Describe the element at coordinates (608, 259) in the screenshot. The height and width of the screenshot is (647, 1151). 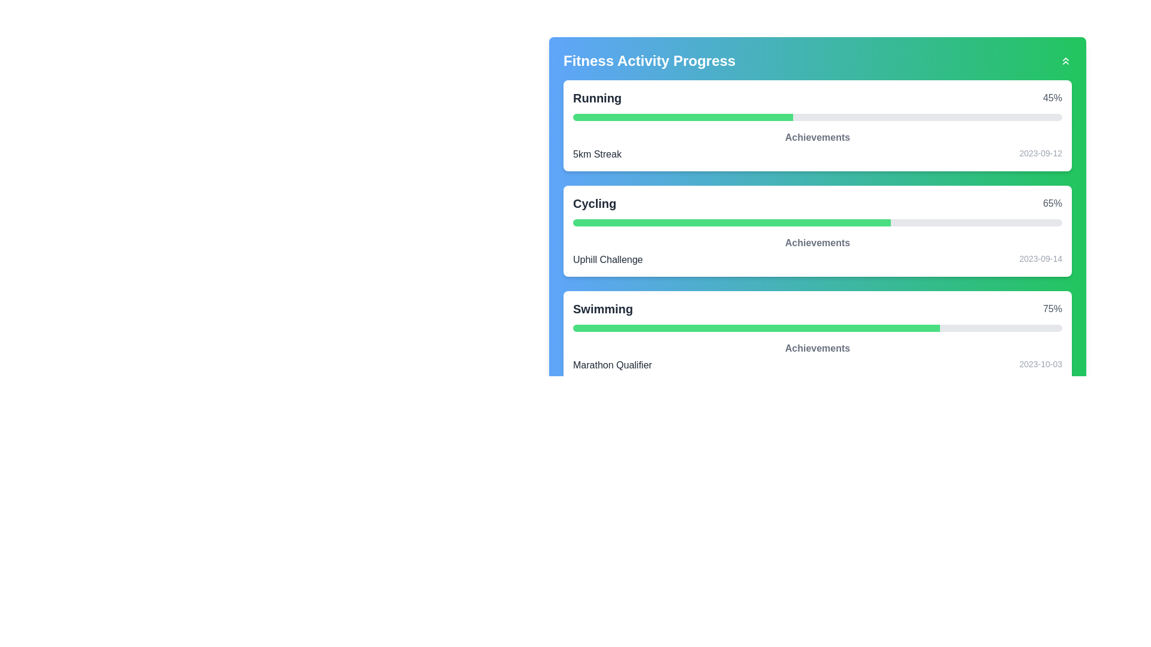
I see `text displayed in the 'Uphill Challenge' label, which is styled in a standard font and located below the 'Cycling' heading in the fitness activity progress interface` at that location.